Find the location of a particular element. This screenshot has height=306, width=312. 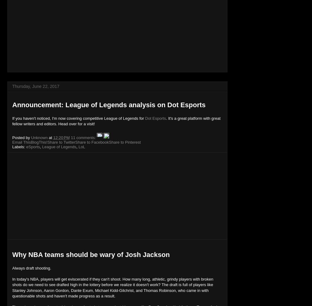

'BlogThis!' is located at coordinates (30, 142).